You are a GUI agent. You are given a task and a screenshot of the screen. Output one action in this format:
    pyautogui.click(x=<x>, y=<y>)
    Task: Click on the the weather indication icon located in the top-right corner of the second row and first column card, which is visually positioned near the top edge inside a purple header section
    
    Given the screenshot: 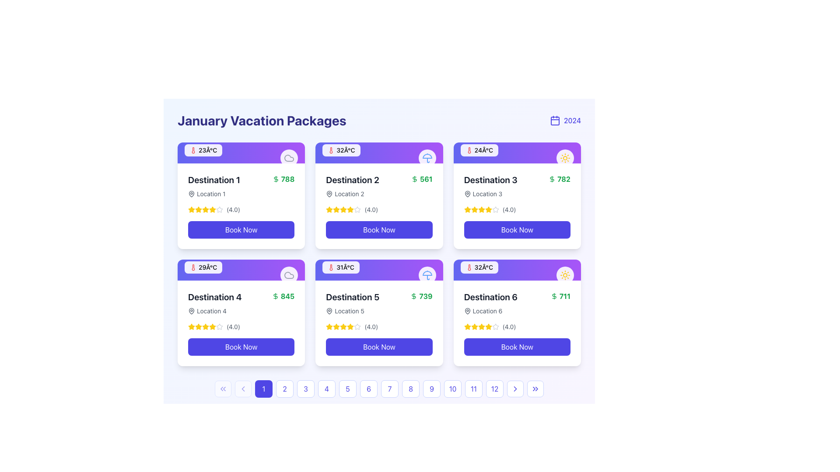 What is the action you would take?
    pyautogui.click(x=289, y=274)
    